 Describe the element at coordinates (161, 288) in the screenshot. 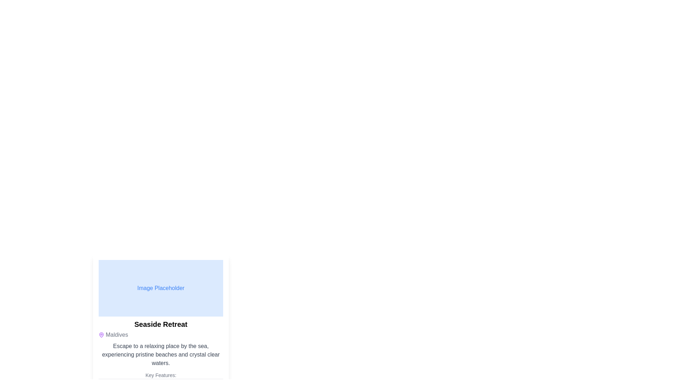

I see `the Text Label that serves as a placeholder for an image, centrally located in a light blue background within a card-like component` at that location.